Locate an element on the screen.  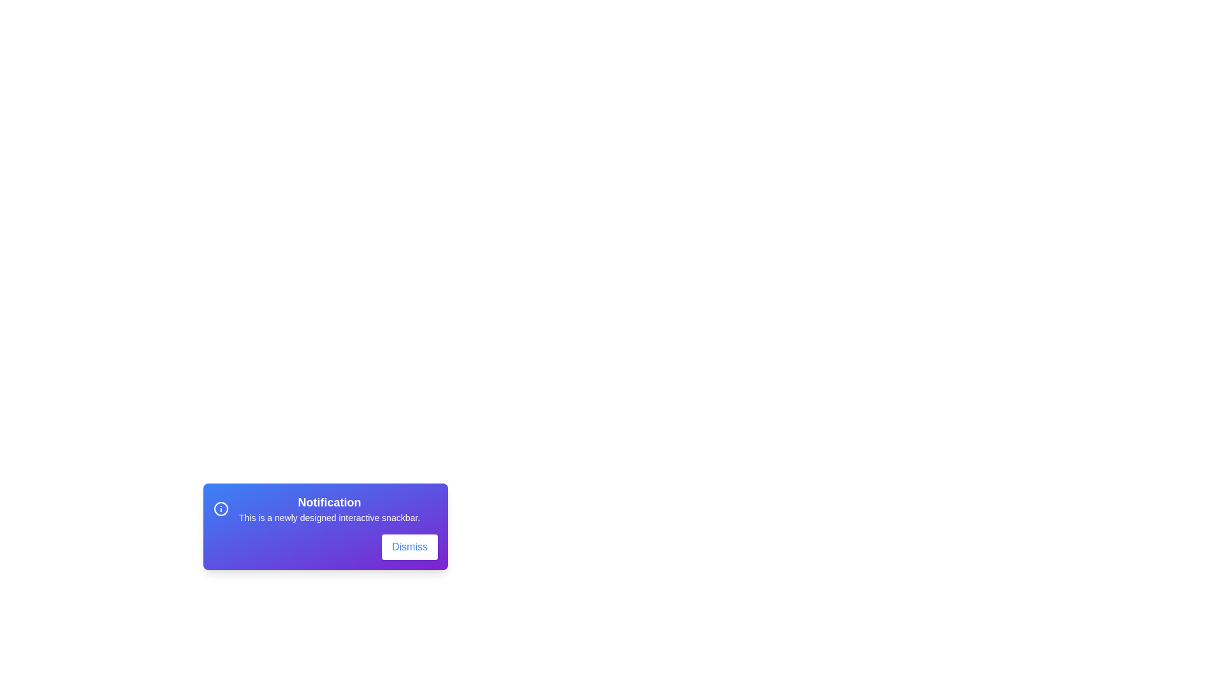
the decorative circular component of the SVG information icon located in the notification banner is located at coordinates (221, 508).